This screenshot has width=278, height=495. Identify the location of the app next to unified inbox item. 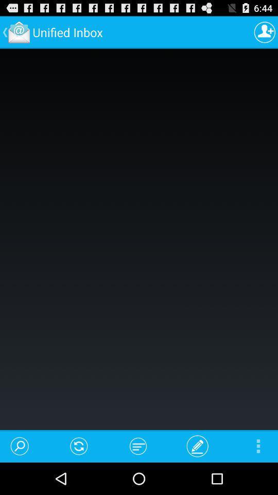
(265, 32).